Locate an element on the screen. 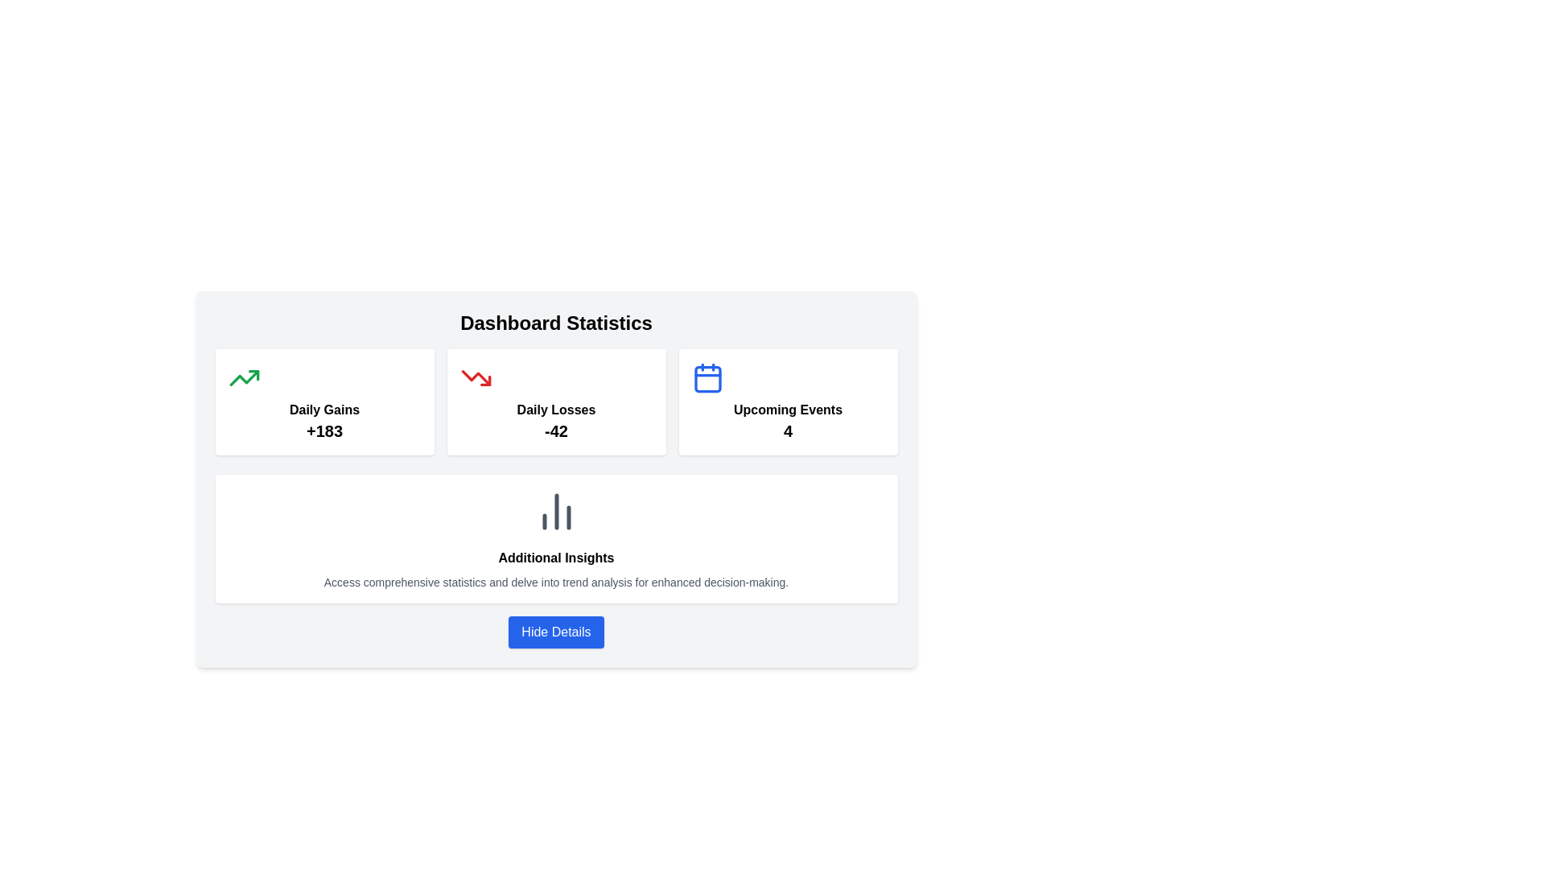 The image size is (1545, 869). the triangular arrow marker within the SVG icon that represents a downward trend in the 'Daily Losses' box on the dashboard is located at coordinates (484, 381).